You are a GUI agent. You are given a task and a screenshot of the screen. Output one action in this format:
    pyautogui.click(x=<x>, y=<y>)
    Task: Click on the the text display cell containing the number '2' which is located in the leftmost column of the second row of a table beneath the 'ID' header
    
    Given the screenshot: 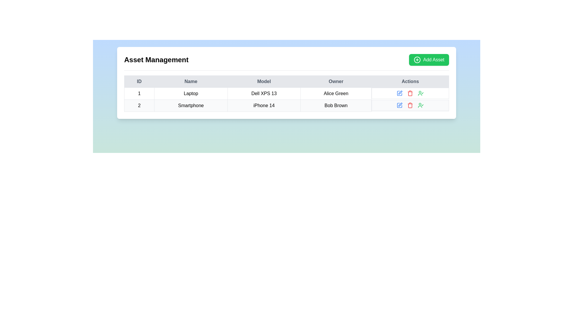 What is the action you would take?
    pyautogui.click(x=139, y=105)
    